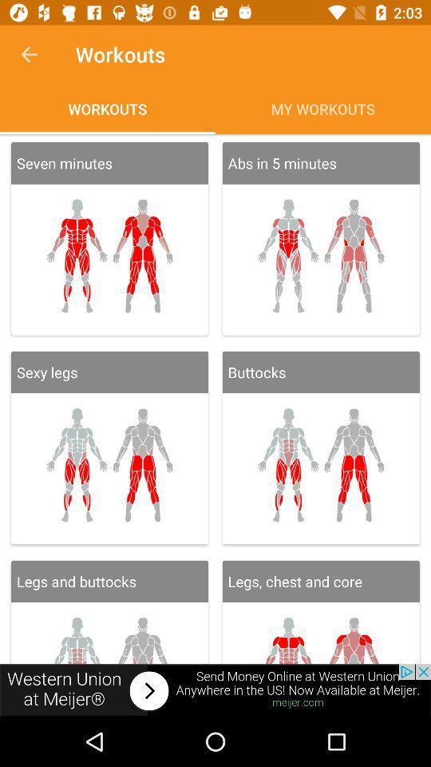 This screenshot has width=431, height=767. What do you see at coordinates (215, 690) in the screenshot?
I see `remove add` at bounding box center [215, 690].